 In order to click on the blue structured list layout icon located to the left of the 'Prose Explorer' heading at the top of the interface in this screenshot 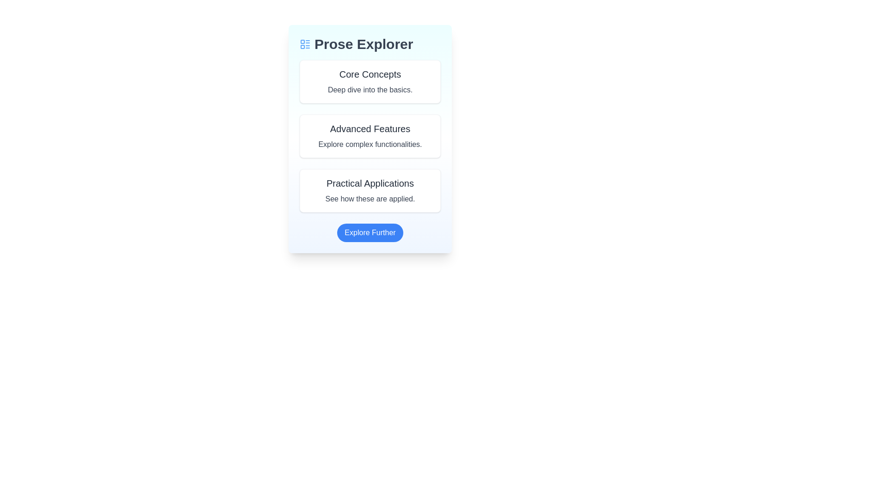, I will do `click(305, 44)`.